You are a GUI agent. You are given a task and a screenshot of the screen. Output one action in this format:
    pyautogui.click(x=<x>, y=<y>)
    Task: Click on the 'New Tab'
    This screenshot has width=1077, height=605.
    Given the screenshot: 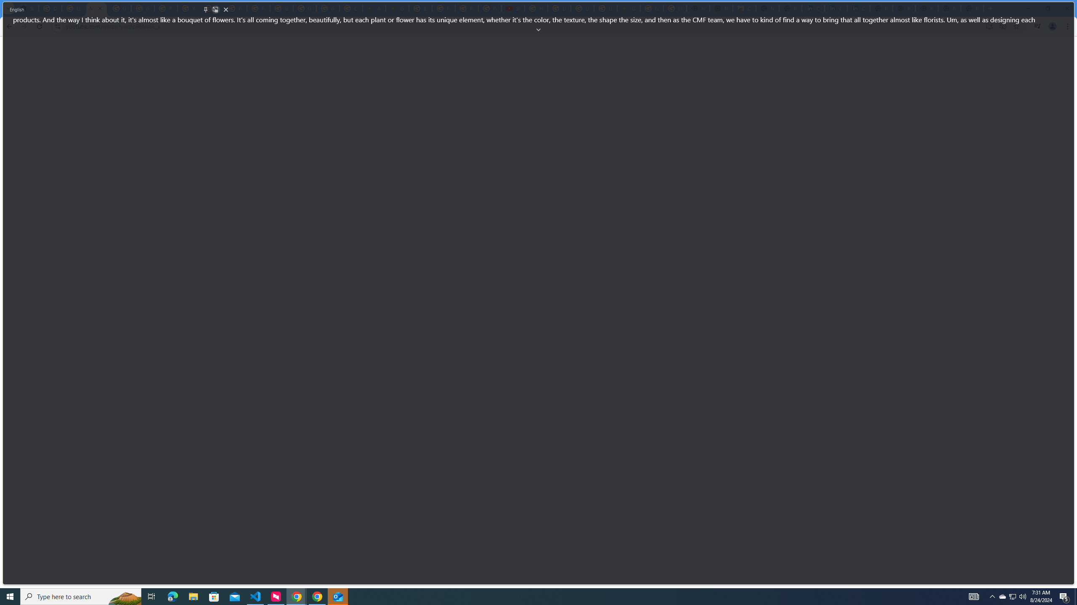 What is the action you would take?
    pyautogui.click(x=972, y=8)
    